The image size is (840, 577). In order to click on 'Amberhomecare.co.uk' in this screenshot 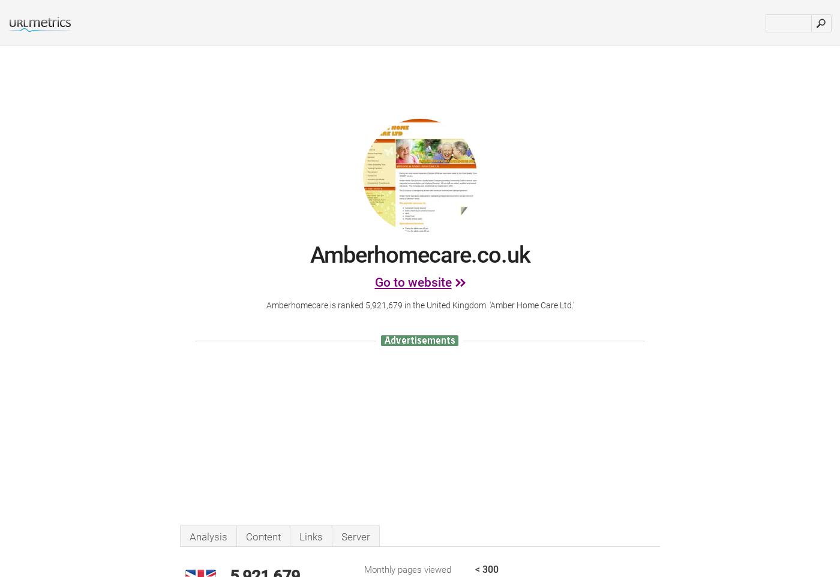, I will do `click(419, 254)`.